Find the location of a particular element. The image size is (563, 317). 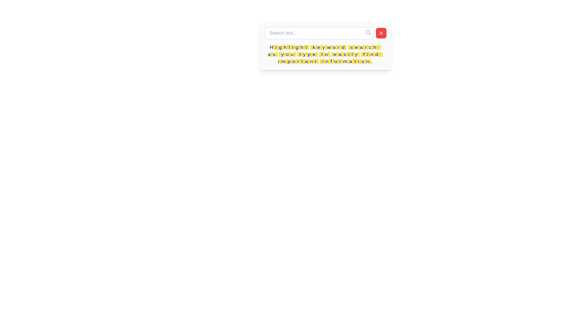

the 15th yellow-highlighted segment within the explanatory text inside the tooltip, which serves as a visual highlight for a portion of the tooltip's information is located at coordinates (323, 54).